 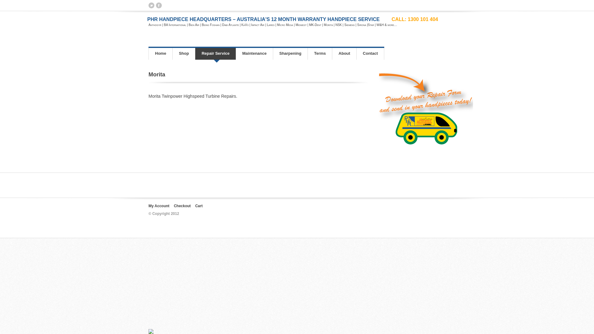 What do you see at coordinates (172, 53) in the screenshot?
I see `'Shop'` at bounding box center [172, 53].